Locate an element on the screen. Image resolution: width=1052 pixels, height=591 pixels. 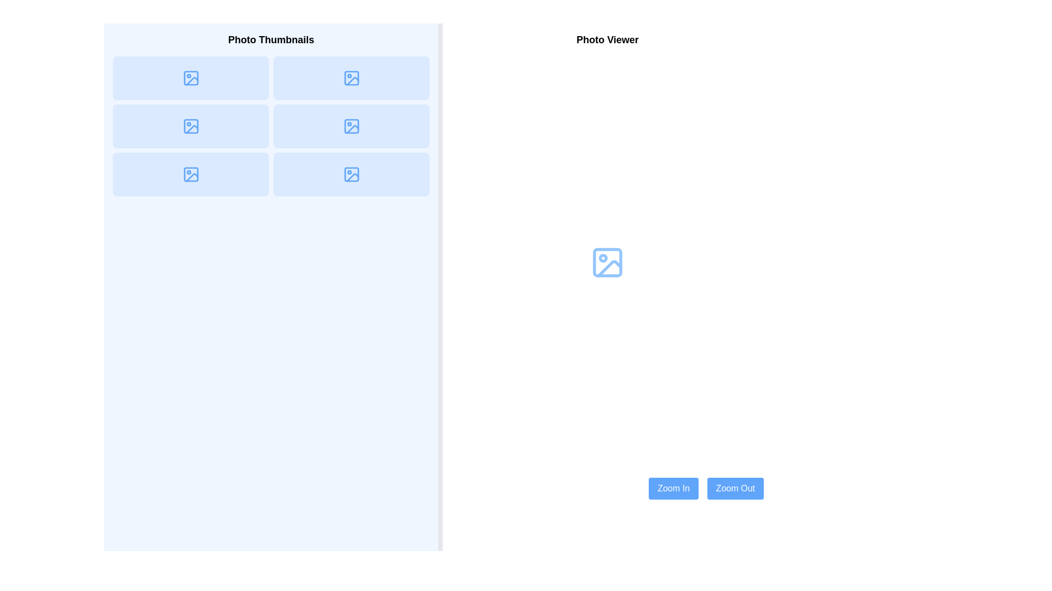
the light blue SVG icon depicting an image outline, which is located in the second row and first column of the 'Photo Thumbnails' section is located at coordinates (191, 126).